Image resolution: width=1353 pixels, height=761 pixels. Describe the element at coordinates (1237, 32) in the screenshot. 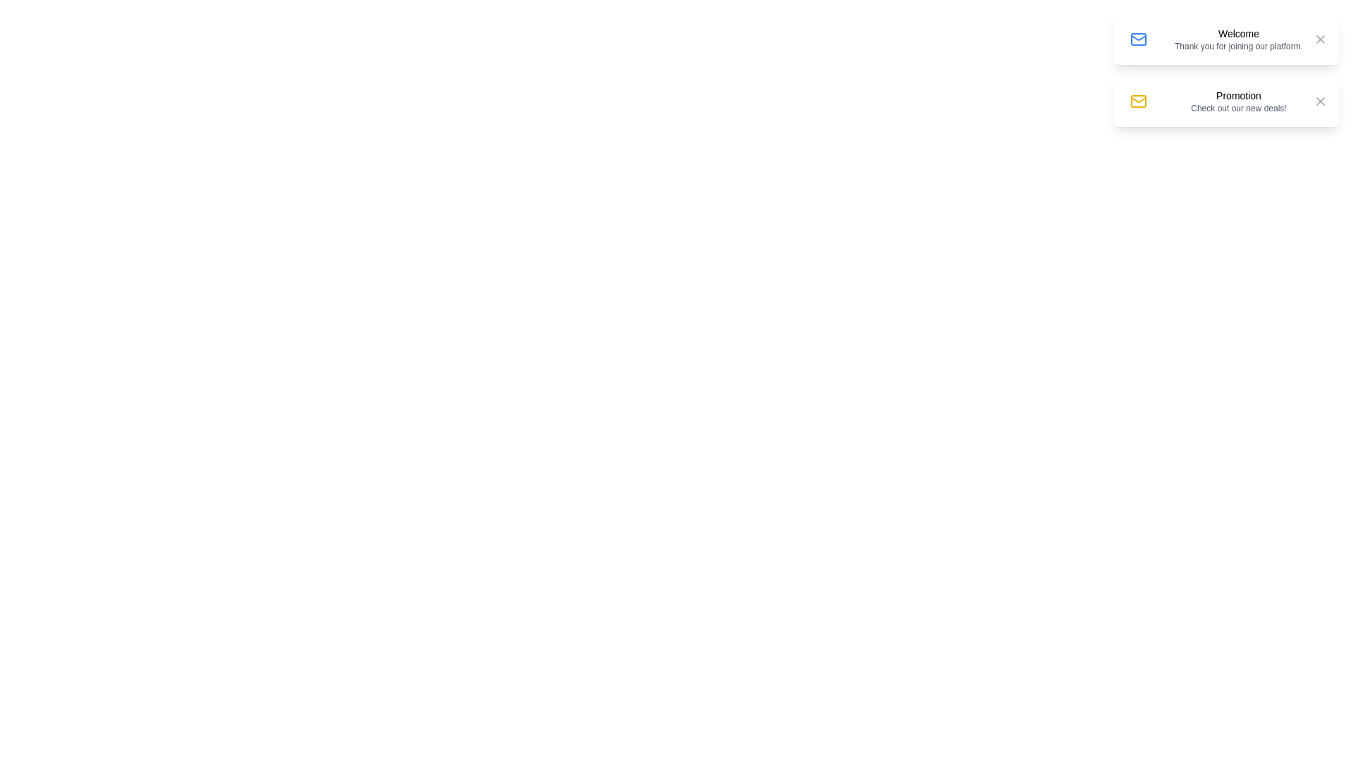

I see `the 'Welcome' text label, which is a medium-sized, bold font located at the top-right section of the message card layout` at that location.